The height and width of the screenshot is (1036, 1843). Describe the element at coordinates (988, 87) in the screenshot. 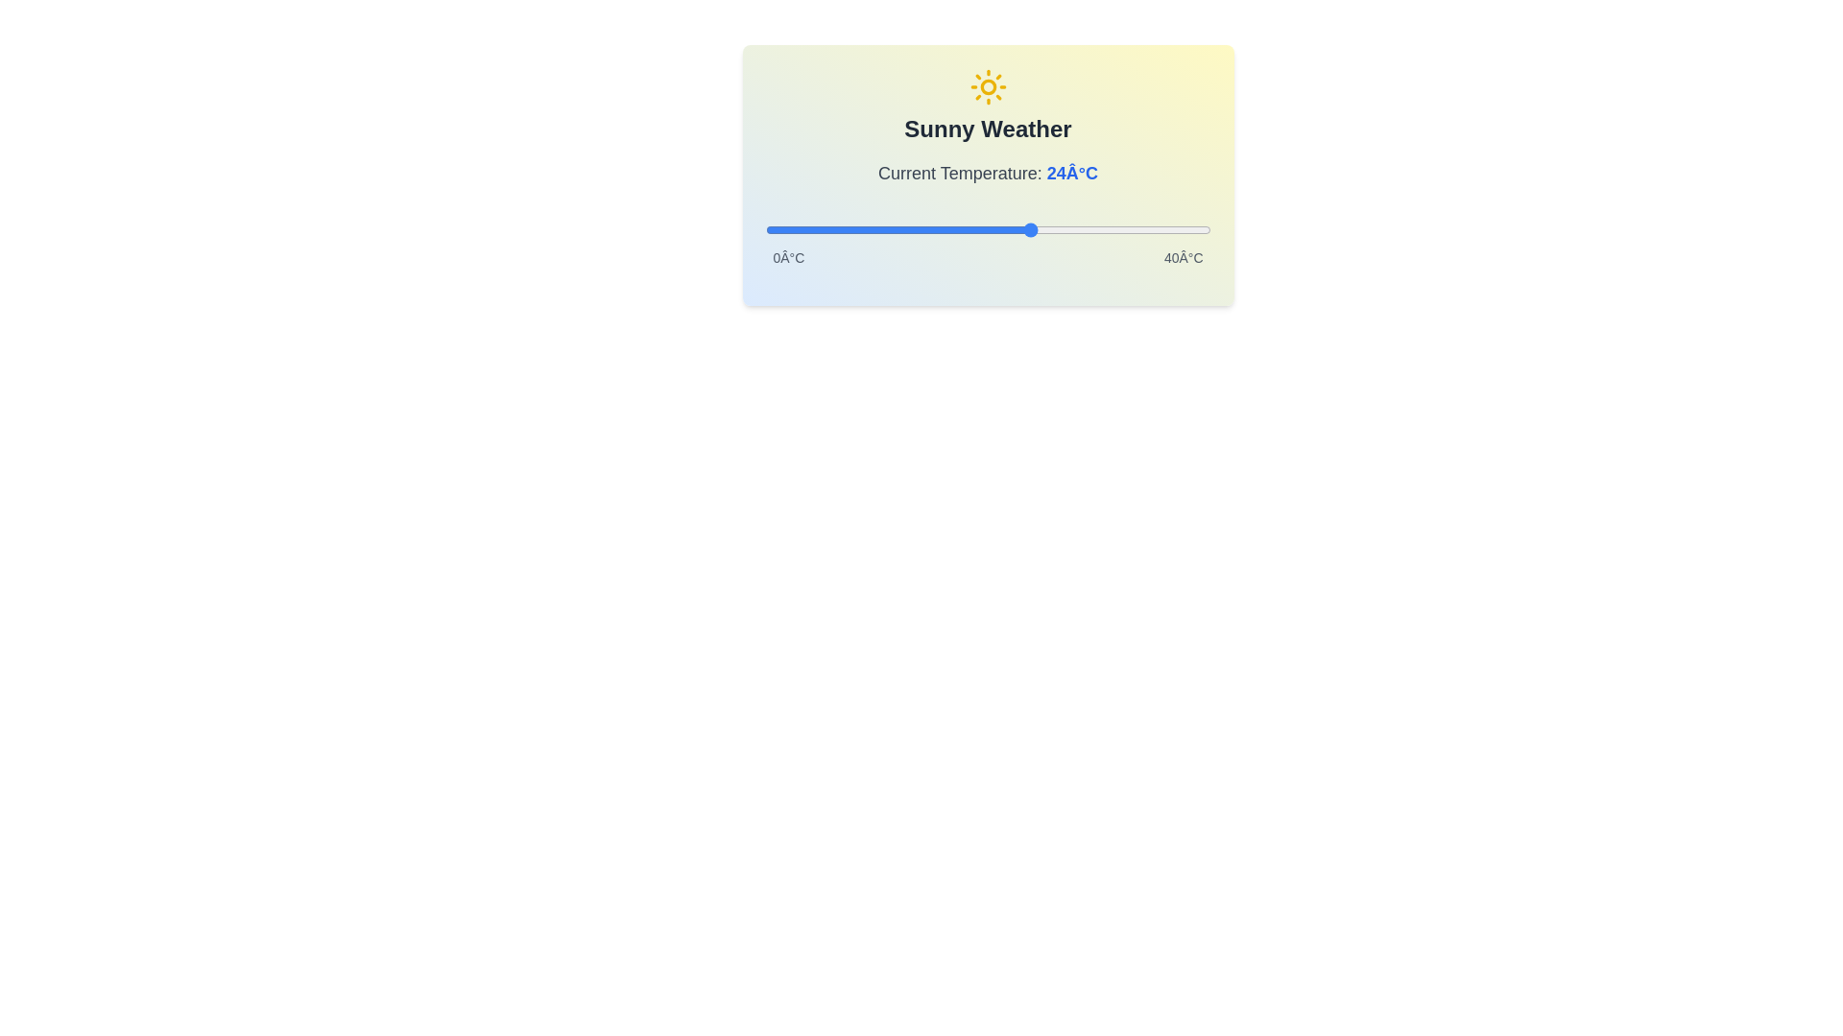

I see `the circular sun icon representing 'Sunny Weather', which is styled in yellow and located at the top center of the card layout` at that location.